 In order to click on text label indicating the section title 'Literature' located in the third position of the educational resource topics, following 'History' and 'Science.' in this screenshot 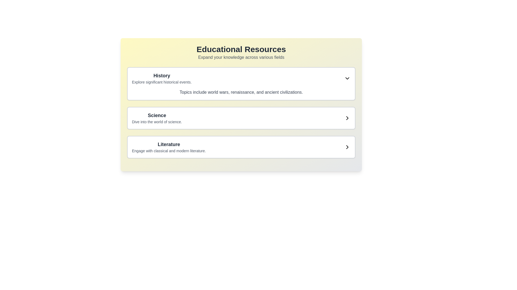, I will do `click(169, 144)`.